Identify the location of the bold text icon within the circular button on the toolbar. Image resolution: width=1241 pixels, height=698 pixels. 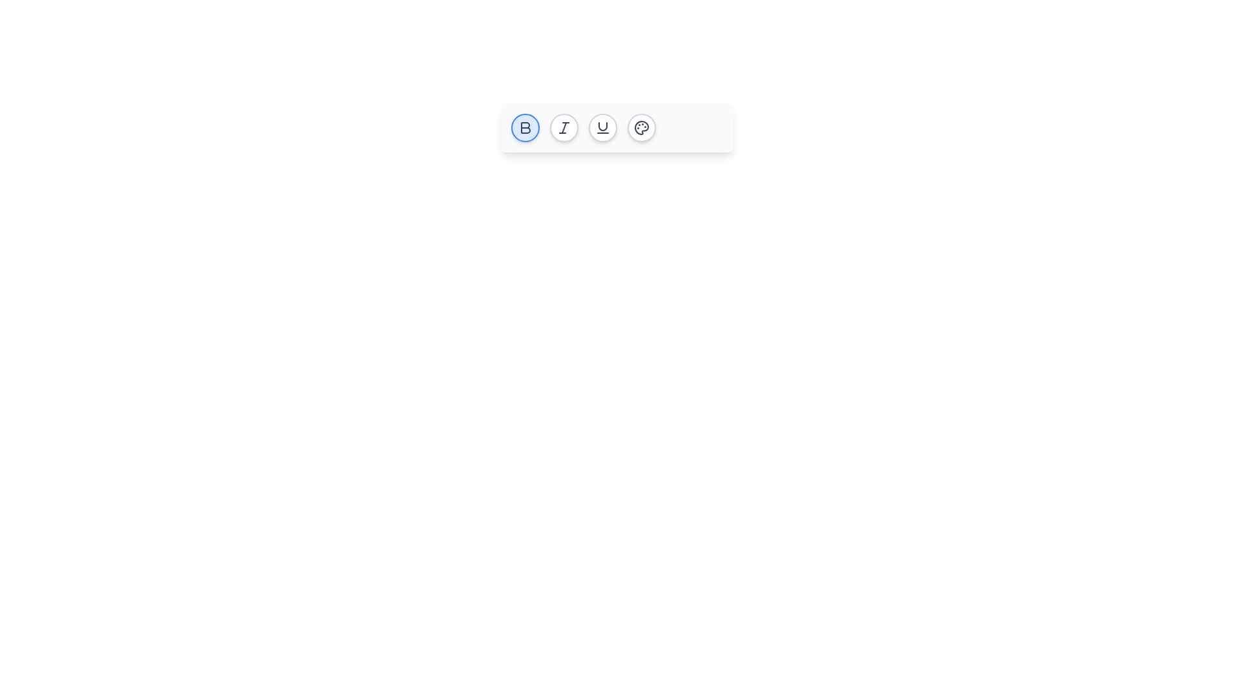
(525, 127).